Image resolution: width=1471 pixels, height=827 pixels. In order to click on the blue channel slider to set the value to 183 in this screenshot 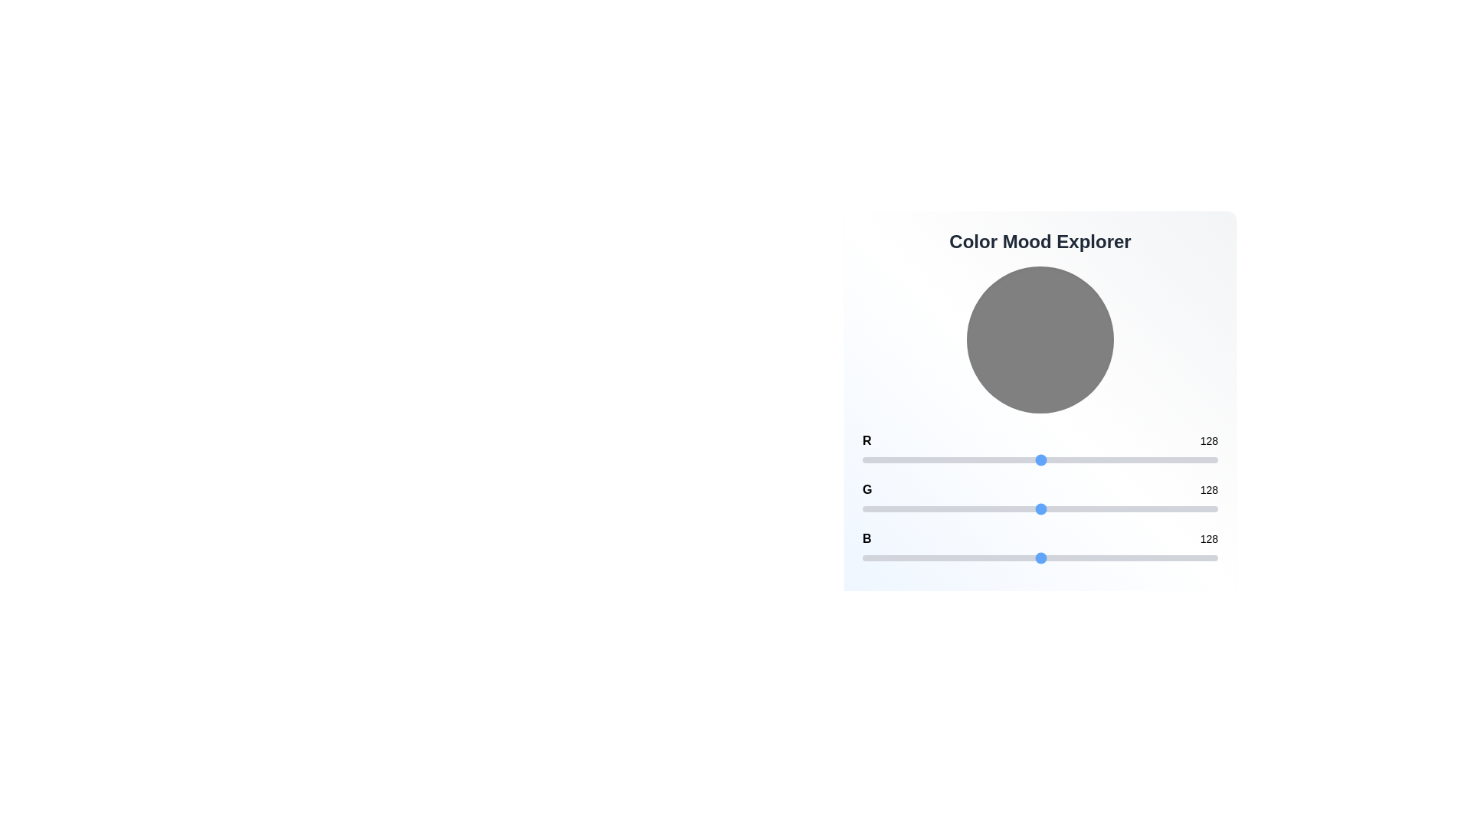, I will do `click(1118, 558)`.